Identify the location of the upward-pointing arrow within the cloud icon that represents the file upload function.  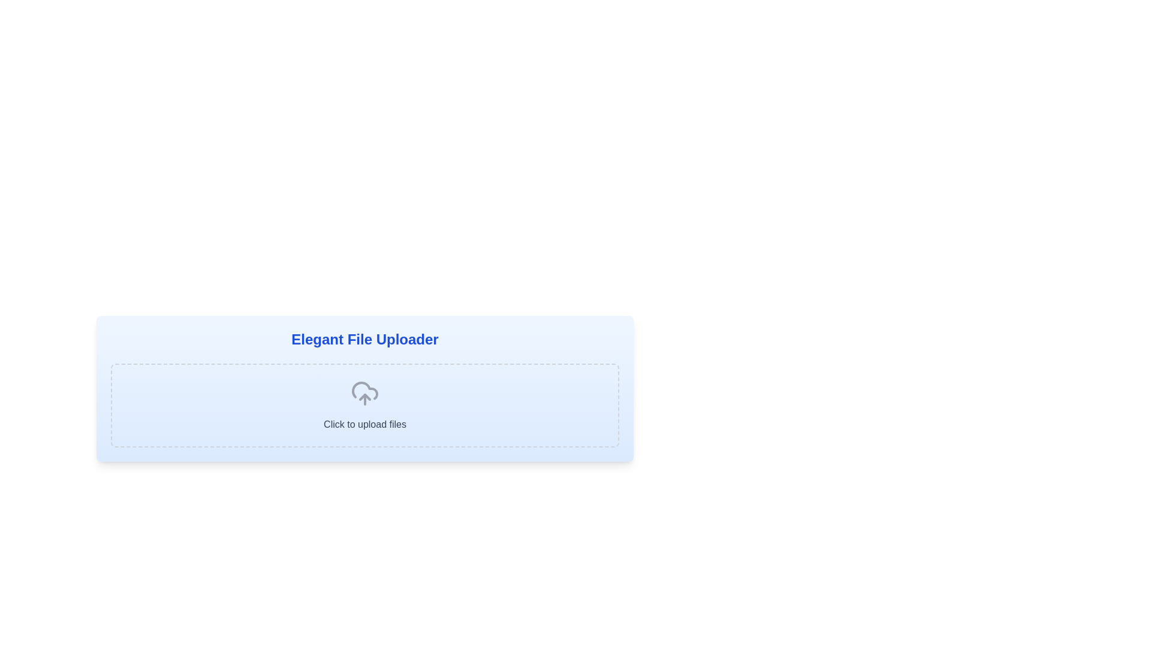
(364, 397).